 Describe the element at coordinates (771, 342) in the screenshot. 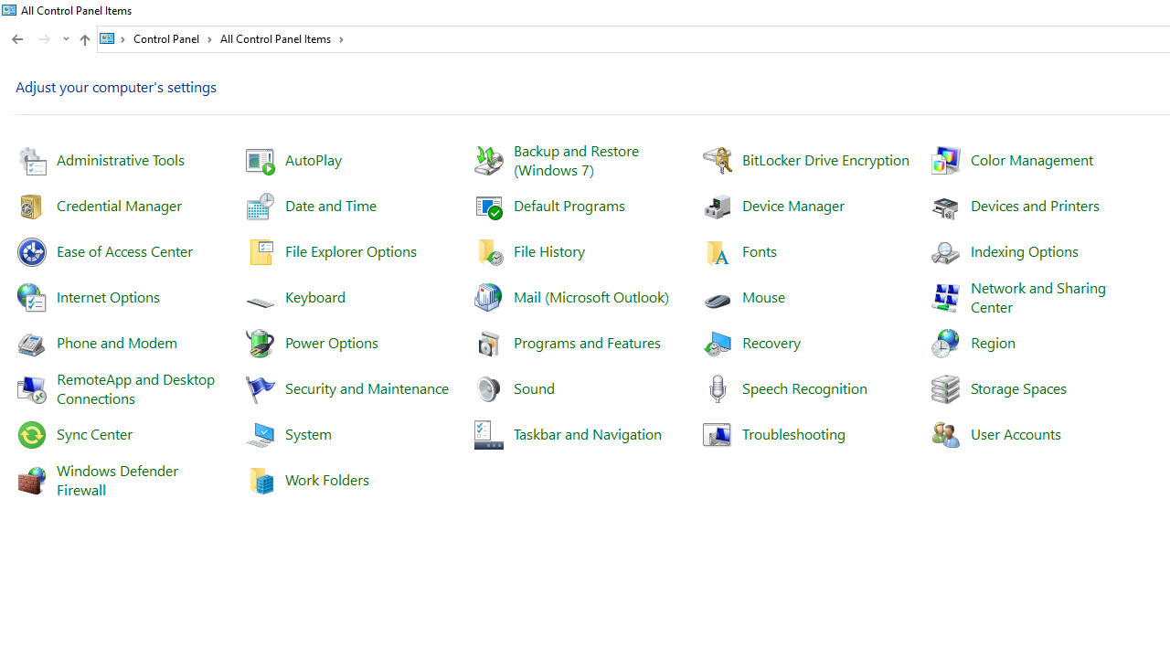

I see `'Recovery'` at that location.